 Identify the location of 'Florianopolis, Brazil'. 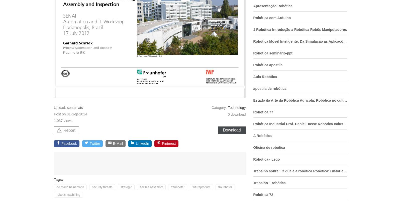
(83, 27).